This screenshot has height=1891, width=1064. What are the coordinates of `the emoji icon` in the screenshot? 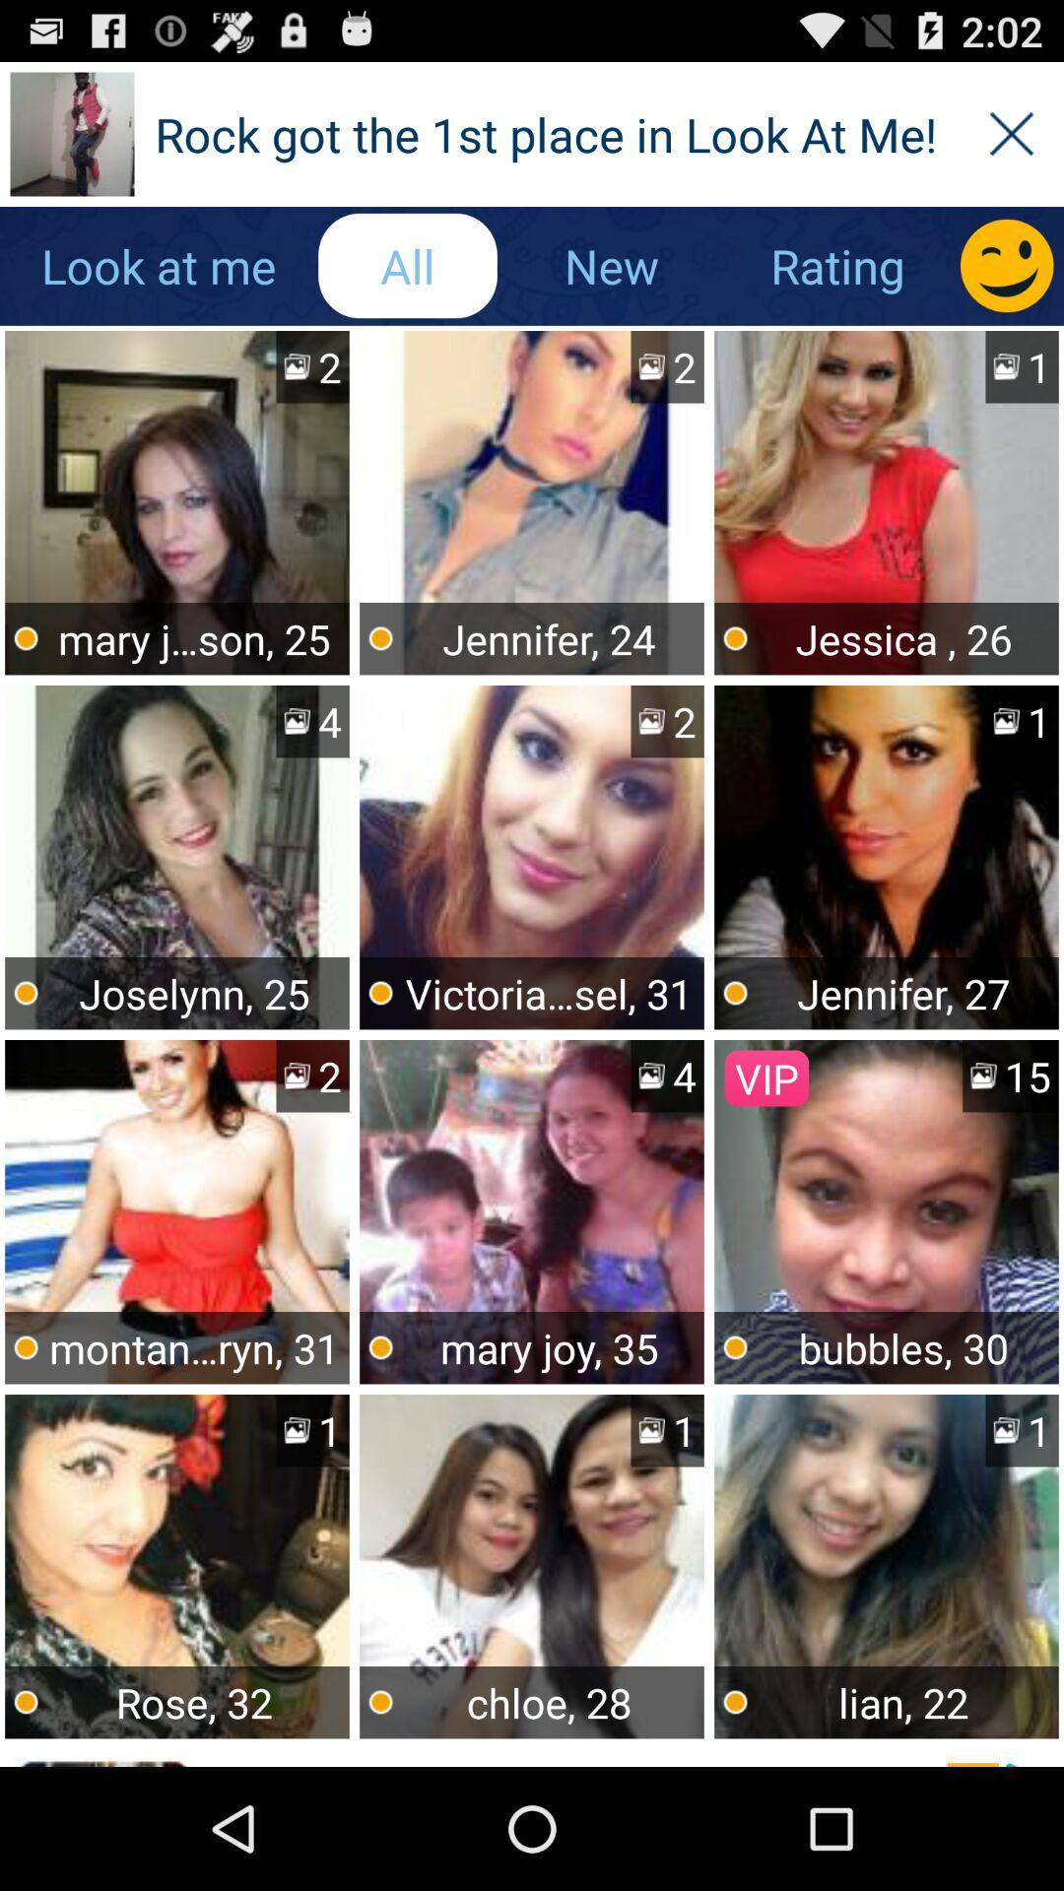 It's located at (1007, 283).